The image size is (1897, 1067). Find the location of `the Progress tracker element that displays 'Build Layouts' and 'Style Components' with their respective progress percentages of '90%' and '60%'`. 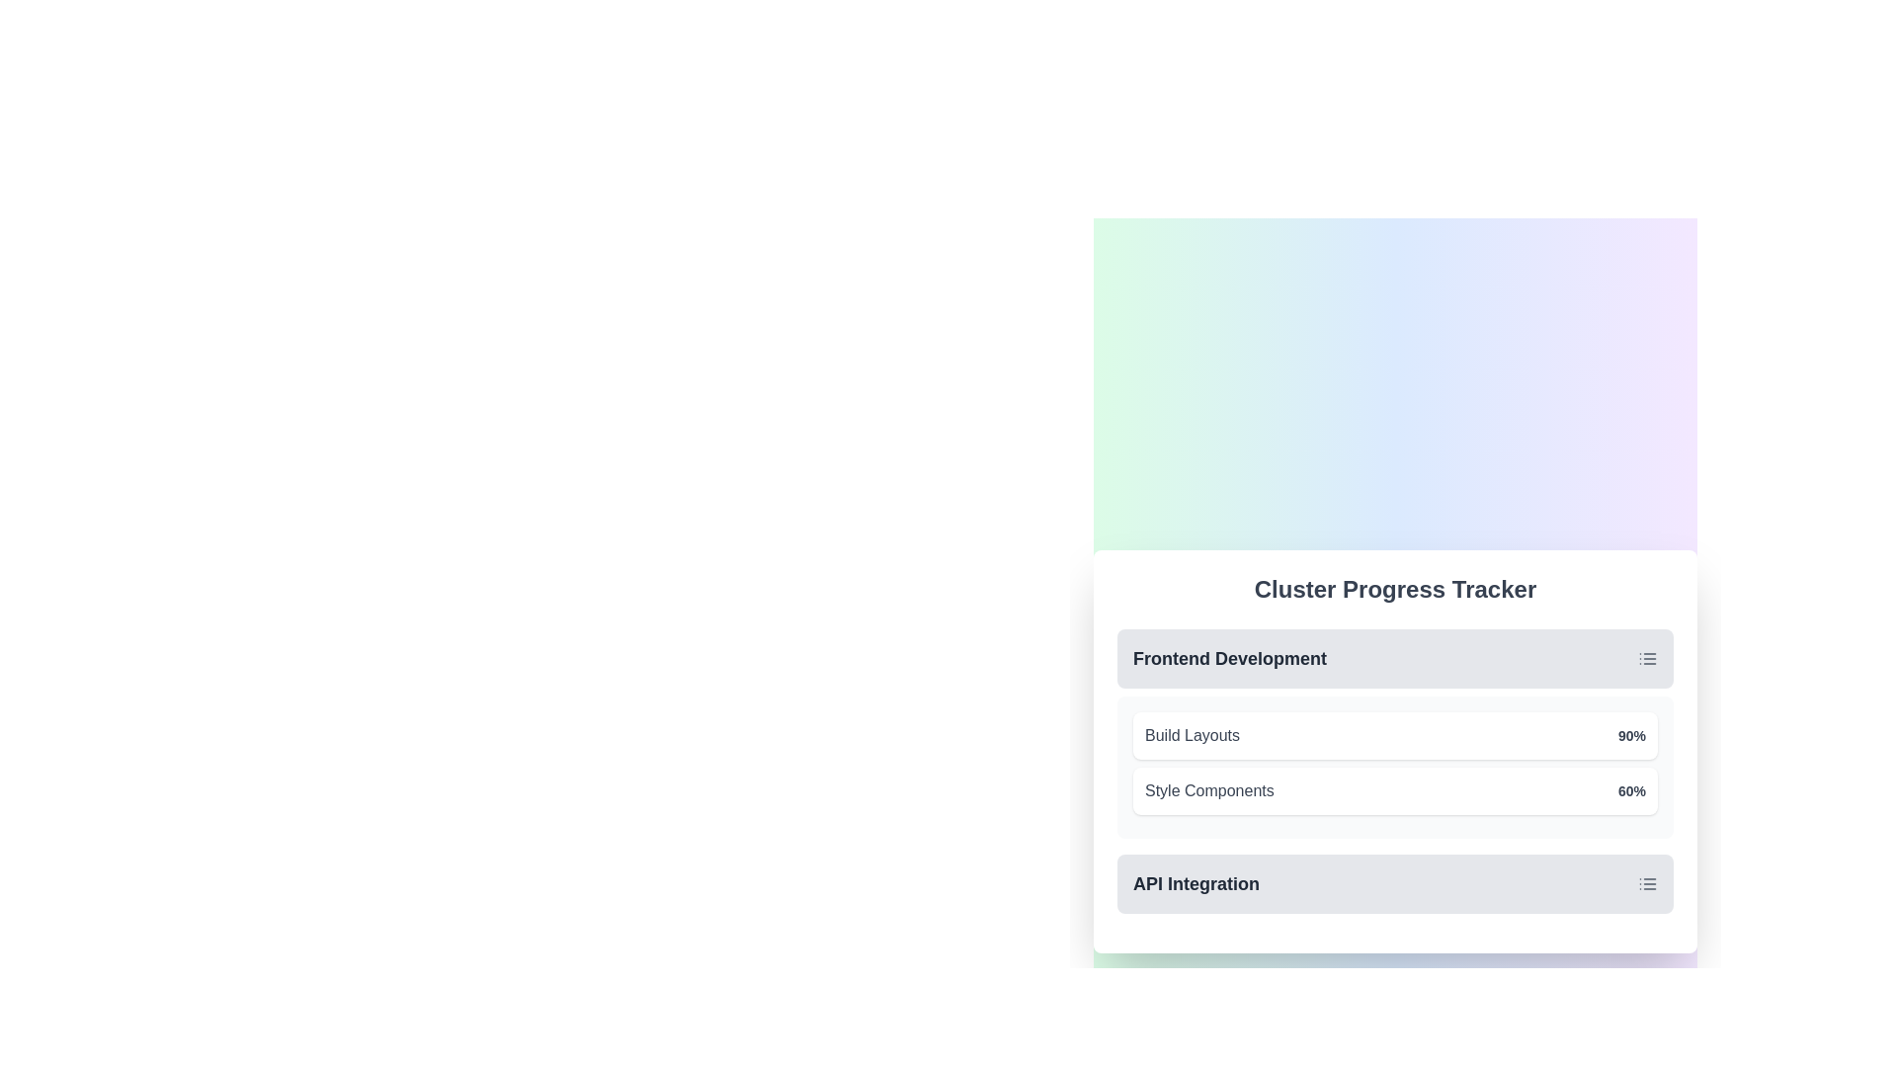

the Progress tracker element that displays 'Build Layouts' and 'Style Components' with their respective progress percentages of '90%' and '60%' is located at coordinates (1394, 766).